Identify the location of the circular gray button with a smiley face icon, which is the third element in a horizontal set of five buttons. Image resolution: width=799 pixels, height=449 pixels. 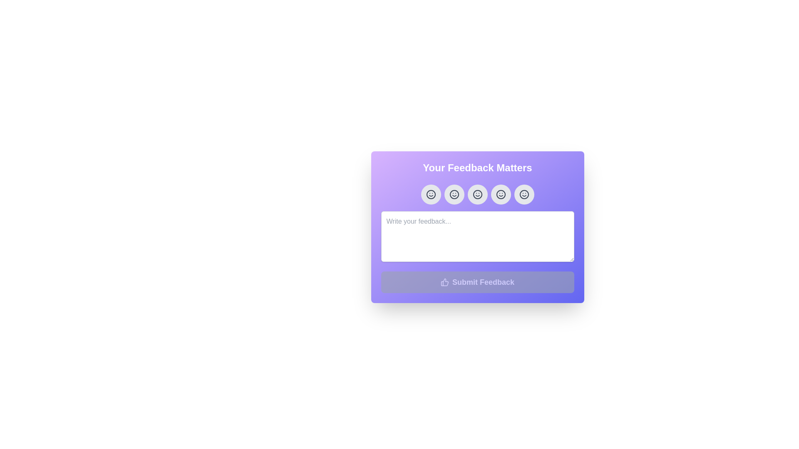
(477, 194).